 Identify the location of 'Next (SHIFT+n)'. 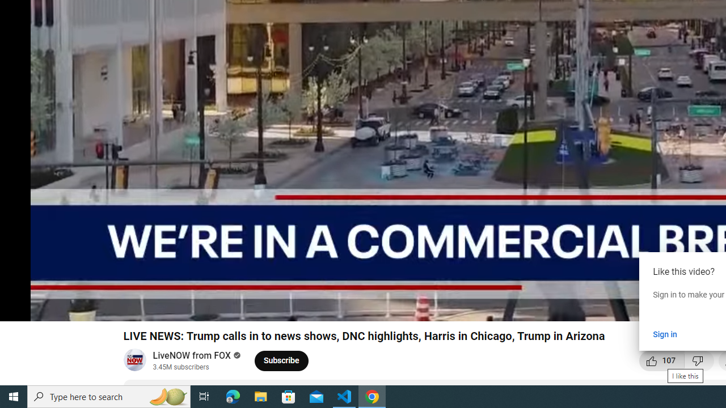
(45, 308).